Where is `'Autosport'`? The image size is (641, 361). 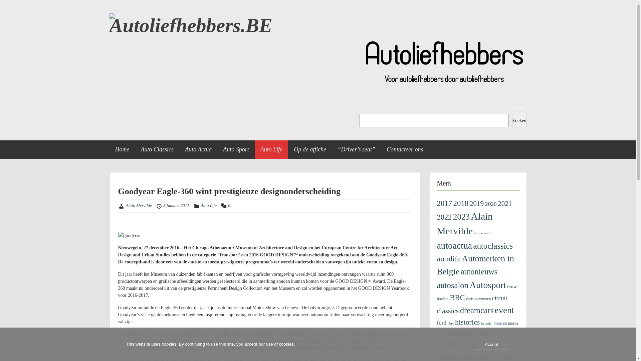
'Autosport' is located at coordinates (469, 285).